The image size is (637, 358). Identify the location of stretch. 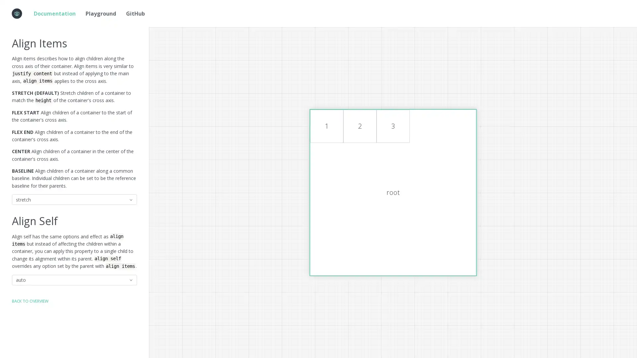
(74, 199).